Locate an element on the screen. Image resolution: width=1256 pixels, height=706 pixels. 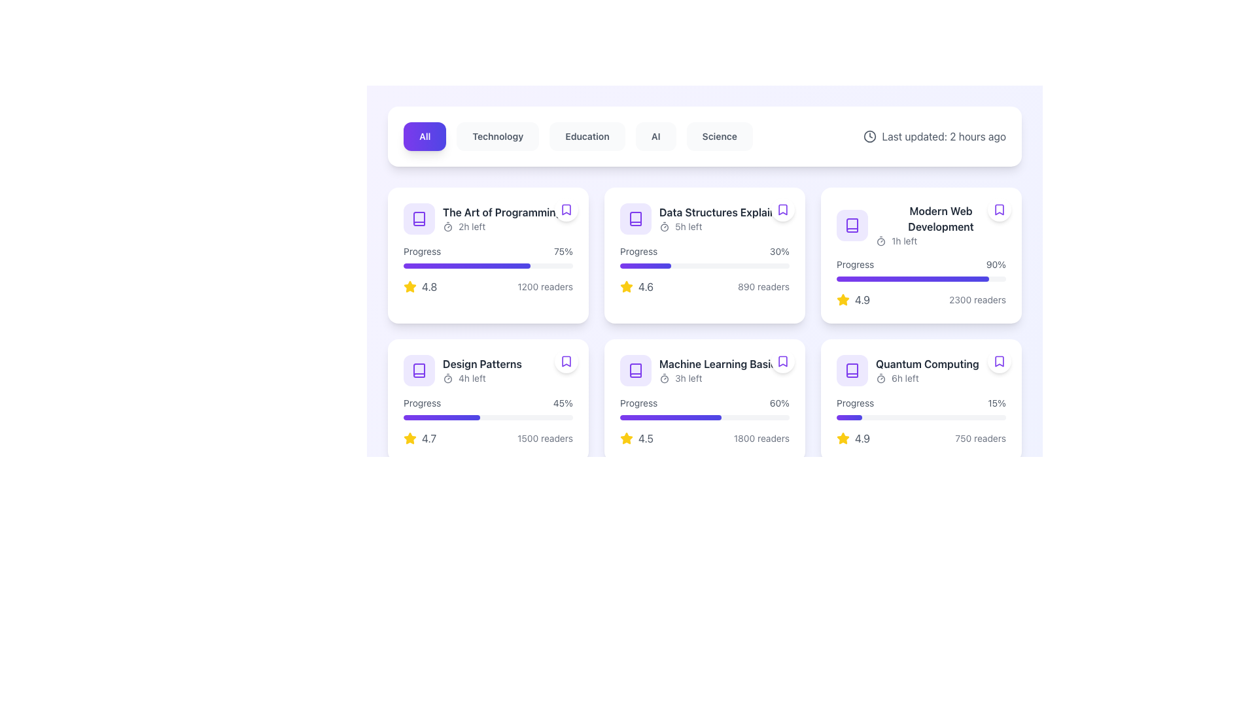
the text element displaying '5h left', which is located in the top row of the 'Data Structures Explain' card, immediately to the right of the clock icon is located at coordinates (688, 226).